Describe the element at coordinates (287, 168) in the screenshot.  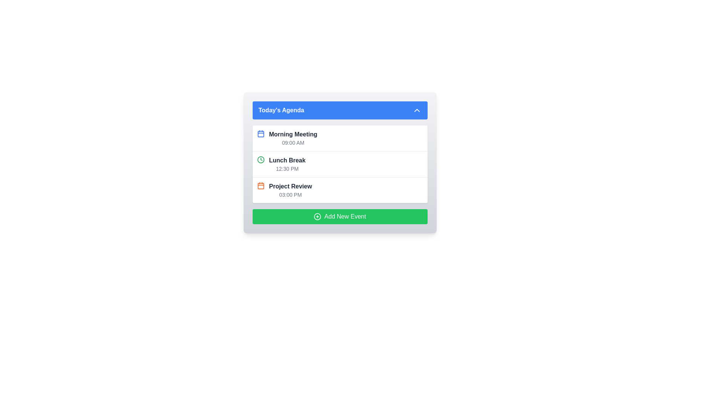
I see `the information displayed in the text element representing the scheduled time` at that location.